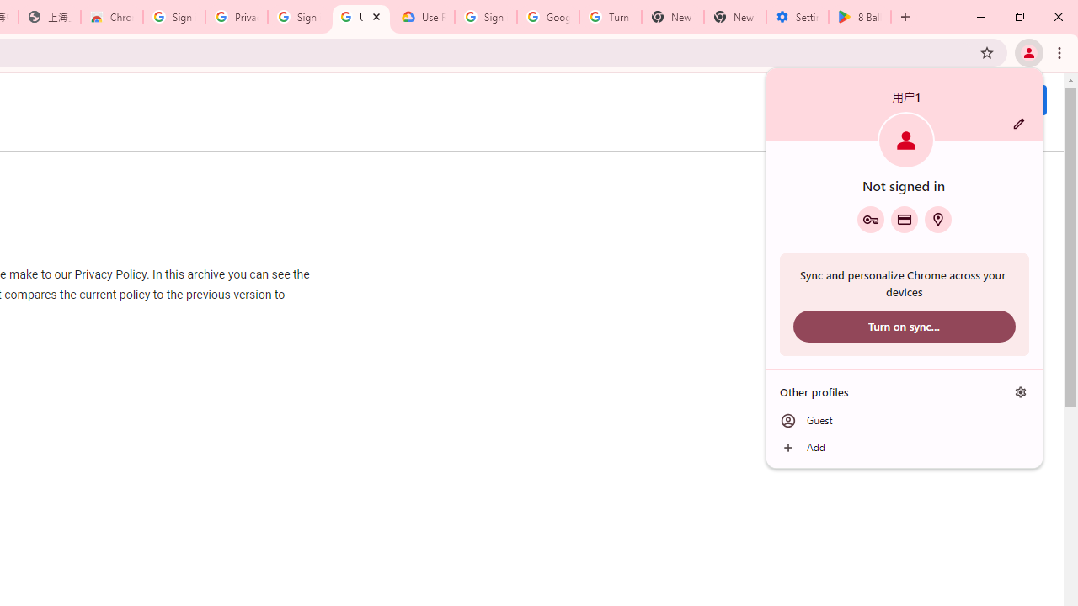 The height and width of the screenshot is (606, 1078). Describe the element at coordinates (1018, 123) in the screenshot. I see `'Customize profile'` at that location.